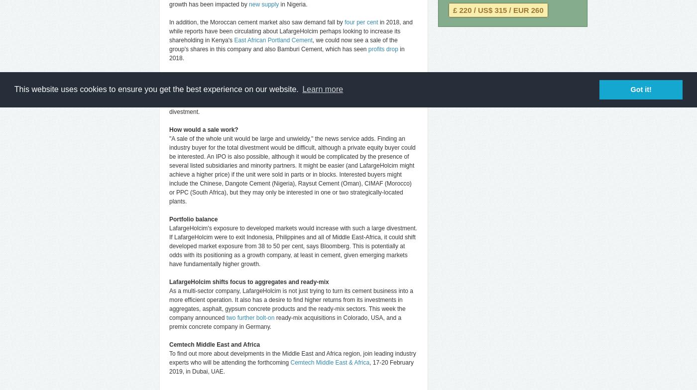  What do you see at coordinates (264, 4) in the screenshot?
I see `'new supply'` at bounding box center [264, 4].